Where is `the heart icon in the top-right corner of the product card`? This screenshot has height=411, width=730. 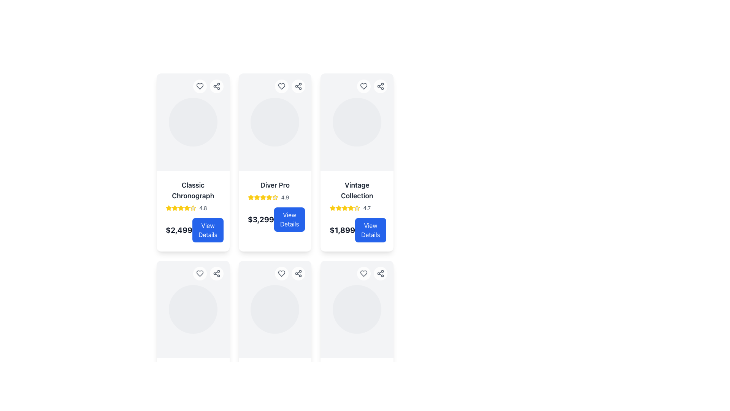 the heart icon in the top-right corner of the product card is located at coordinates (363, 273).